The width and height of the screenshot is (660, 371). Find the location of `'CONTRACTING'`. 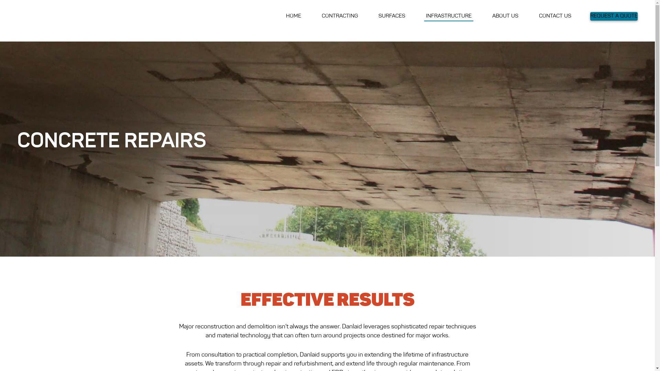

'CONTRACTING' is located at coordinates (340, 16).